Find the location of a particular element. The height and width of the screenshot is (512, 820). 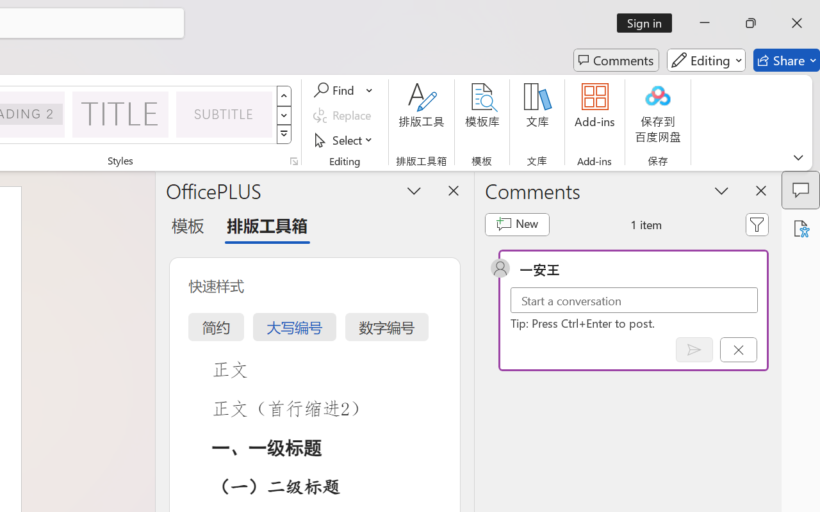

'Cancel' is located at coordinates (738, 349).